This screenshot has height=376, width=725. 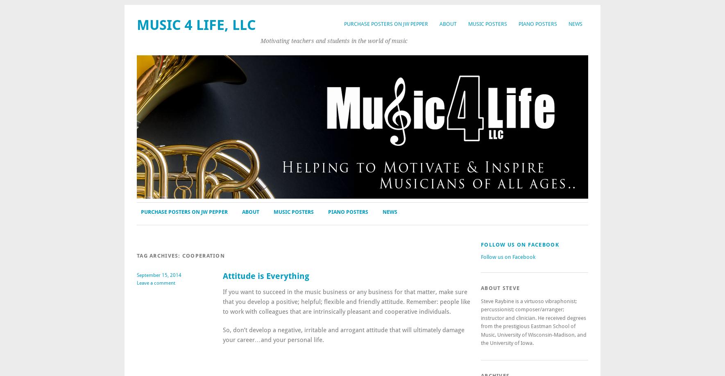 I want to click on 'cooperation', so click(x=203, y=256).